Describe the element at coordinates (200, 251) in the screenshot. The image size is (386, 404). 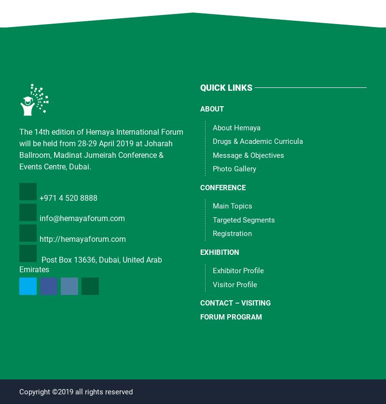
I see `'Exhibition'` at that location.